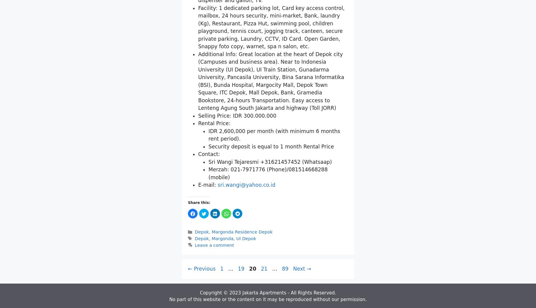  Describe the element at coordinates (271, 216) in the screenshot. I see `'Security deposit is equal to 1 month Rental Price'` at that location.